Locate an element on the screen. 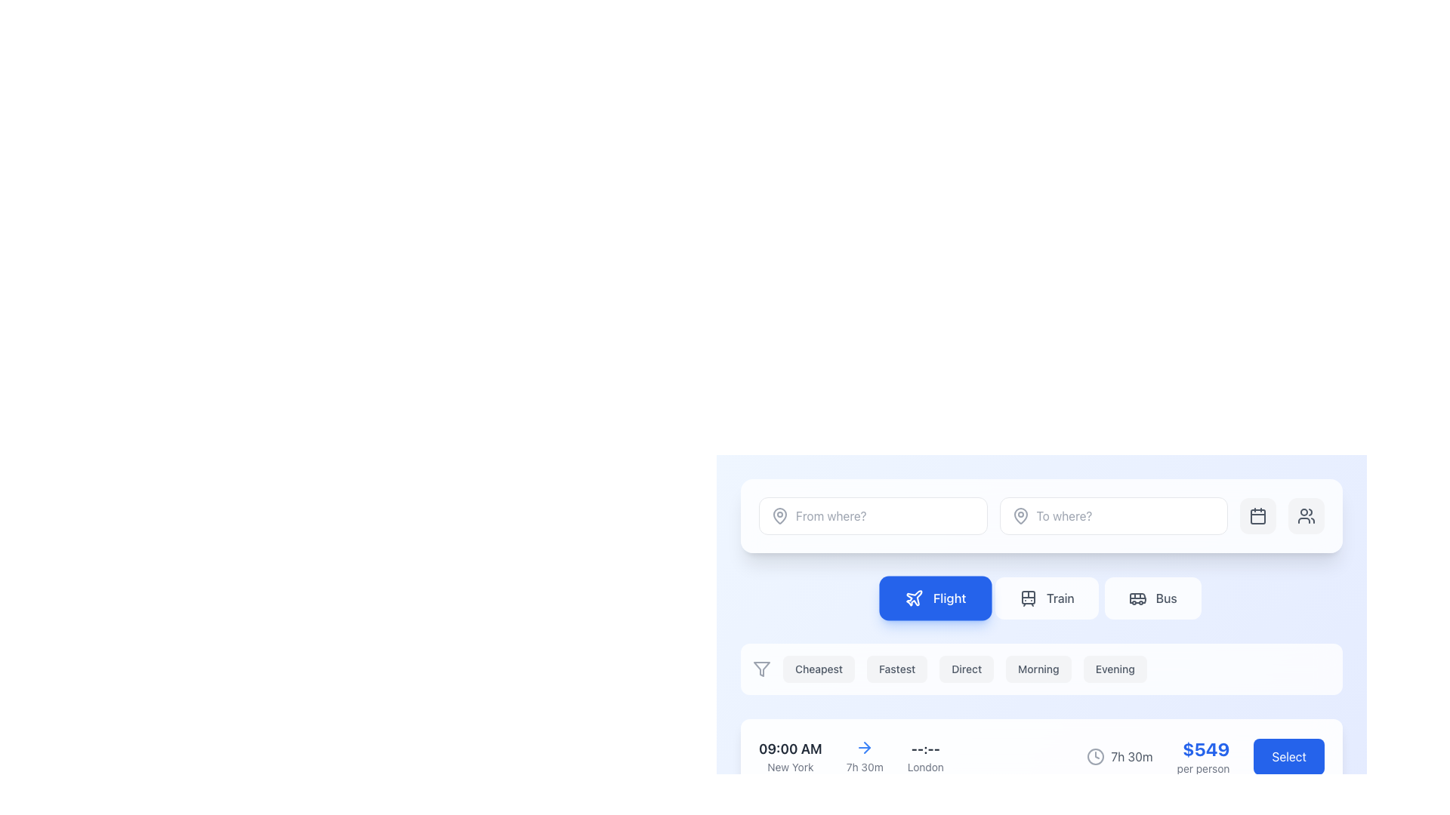 Image resolution: width=1450 pixels, height=815 pixels. the destination icon located at the far-left edge of the input field labeled 'To where?' is located at coordinates (1020, 515).